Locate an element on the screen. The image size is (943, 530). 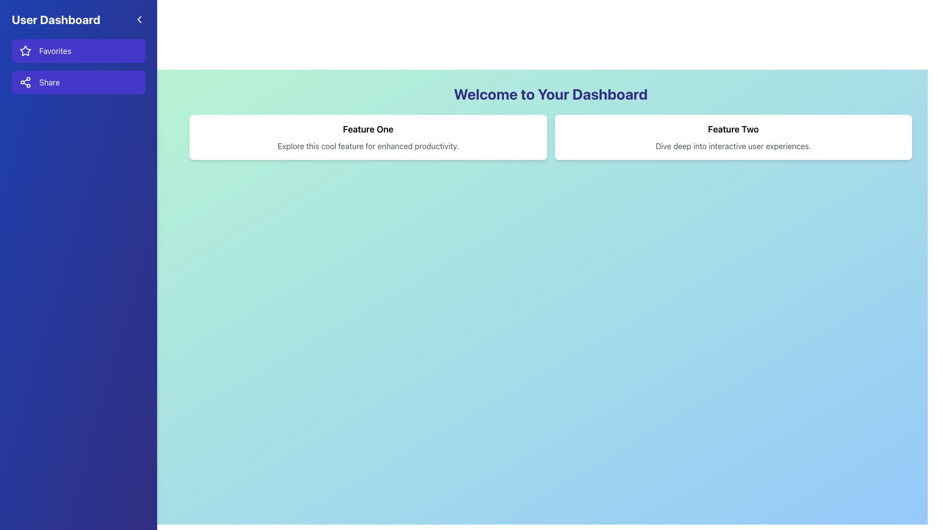
the left-pointing chevron vector graphic icon located near the top of the left panel is located at coordinates (139, 19).